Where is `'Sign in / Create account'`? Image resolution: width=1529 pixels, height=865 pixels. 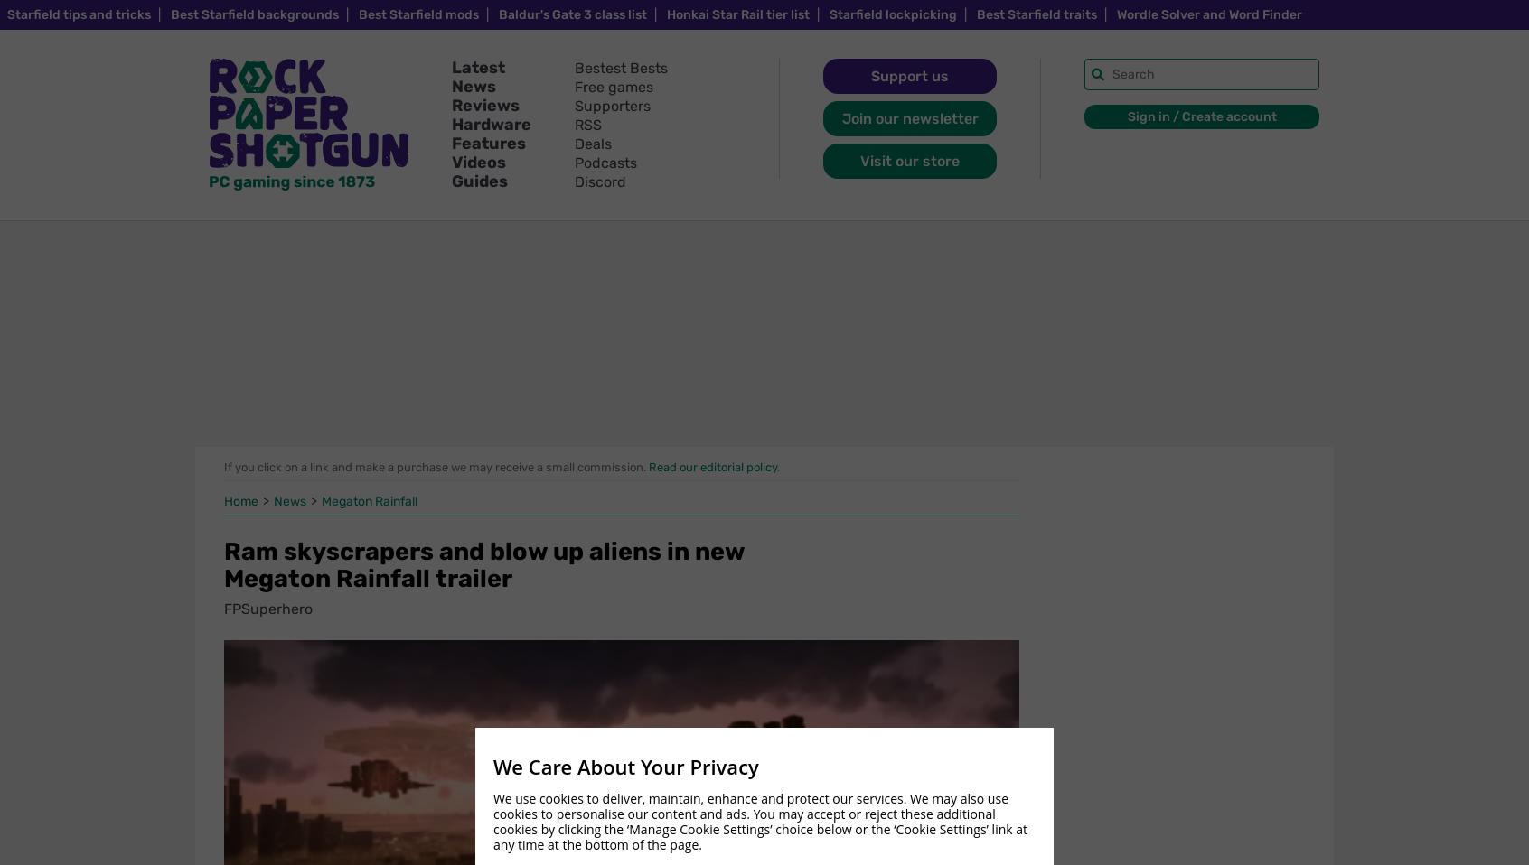
'Sign in / Create account' is located at coordinates (1200, 116).